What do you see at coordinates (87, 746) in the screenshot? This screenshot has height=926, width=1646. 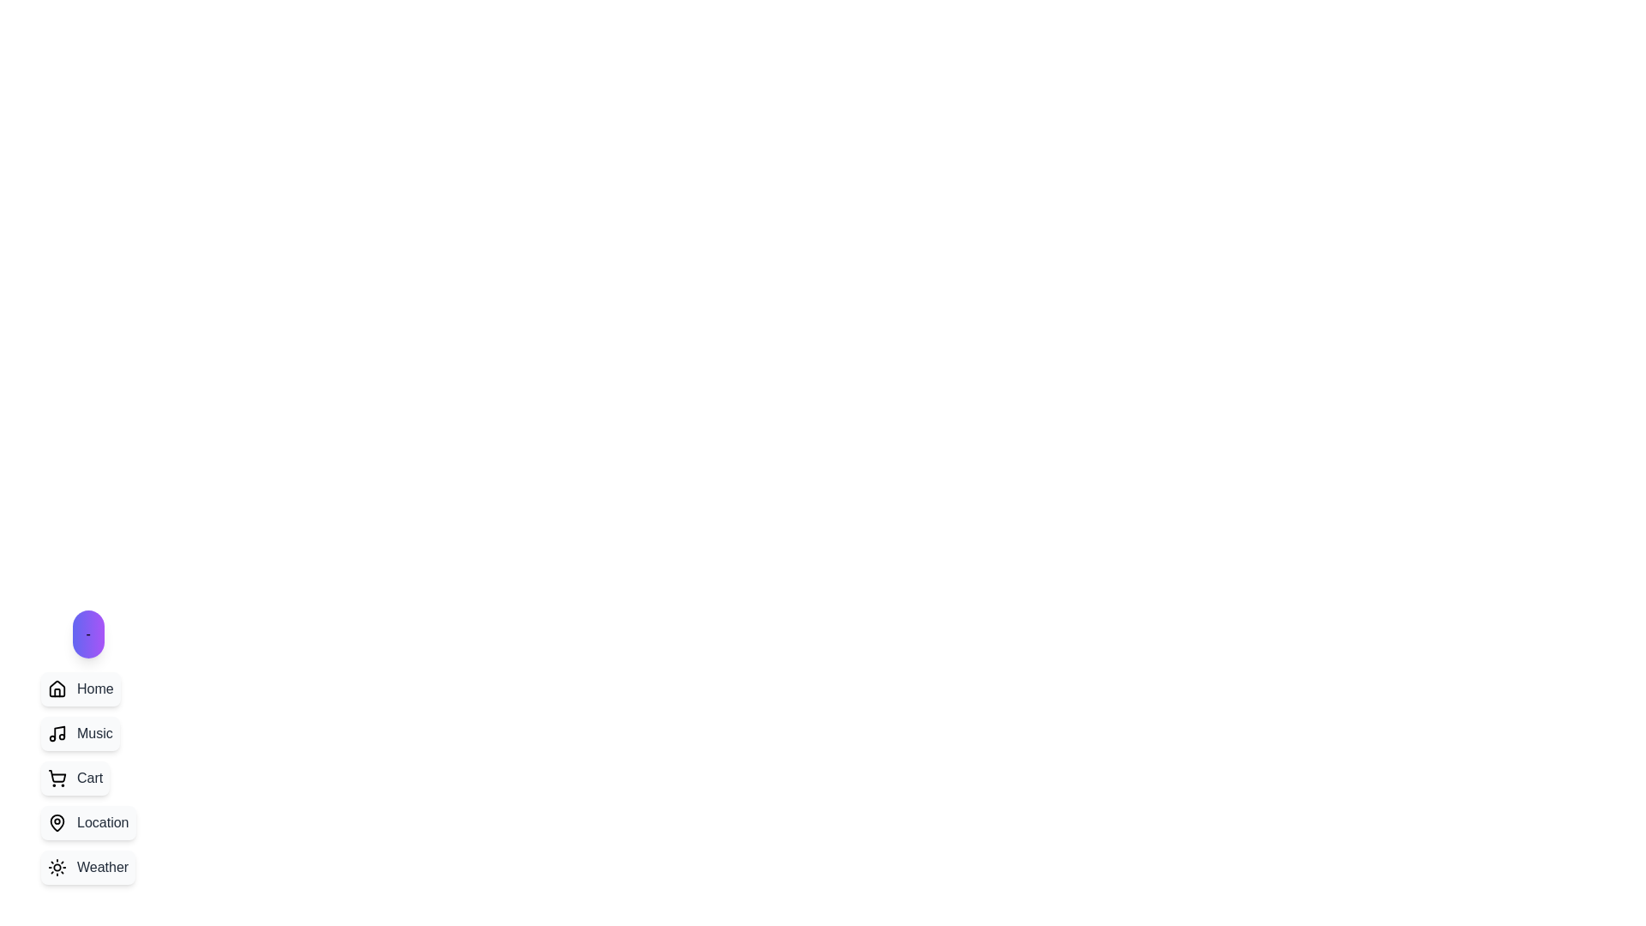 I see `the 'Music' button, which is styled with a light background, rounded edges, and includes a music note icon, located in a vertical navigation list below the 'Home' button and above the 'Cart' button` at bounding box center [87, 746].